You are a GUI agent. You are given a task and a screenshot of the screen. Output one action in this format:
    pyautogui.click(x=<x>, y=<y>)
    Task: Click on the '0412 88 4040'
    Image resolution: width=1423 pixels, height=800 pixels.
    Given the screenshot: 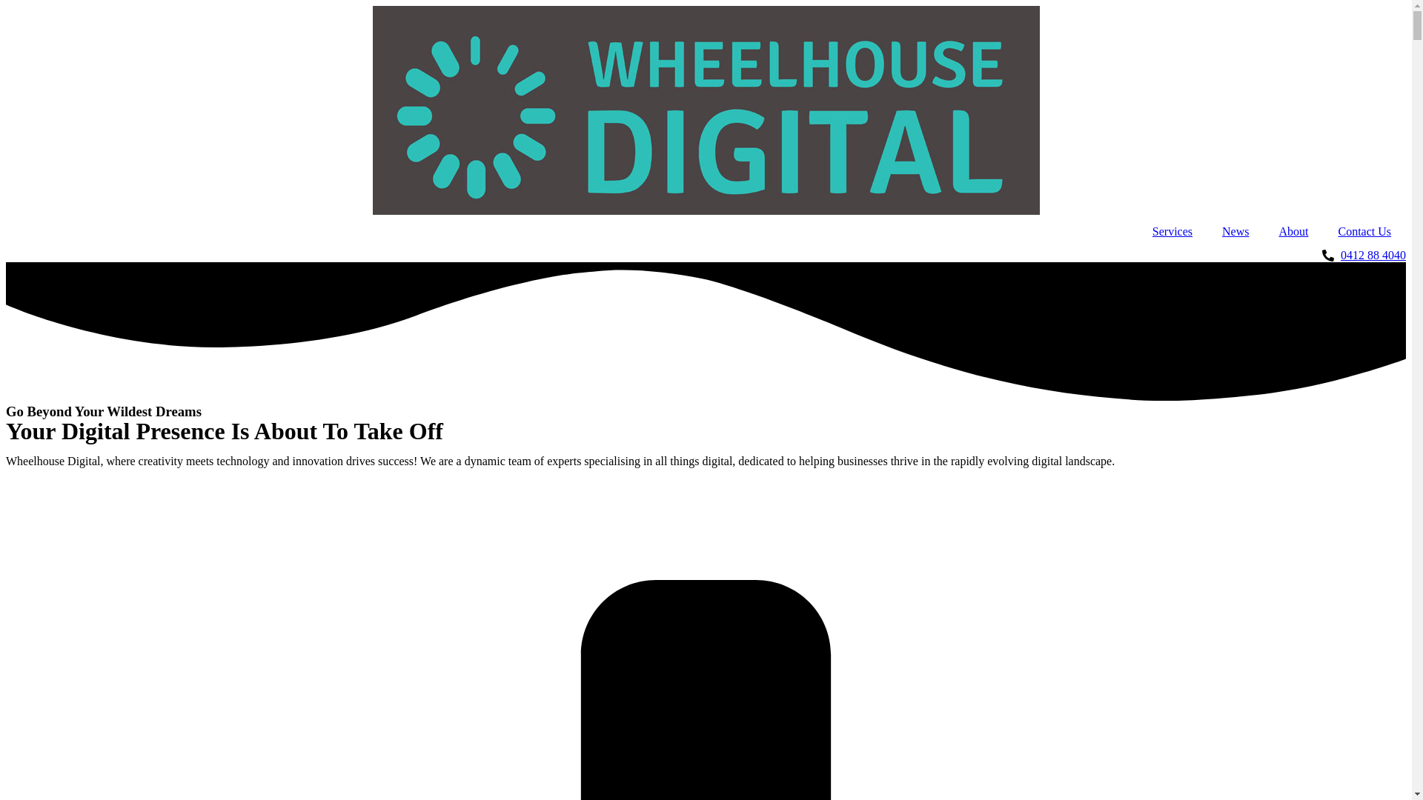 What is the action you would take?
    pyautogui.click(x=705, y=254)
    